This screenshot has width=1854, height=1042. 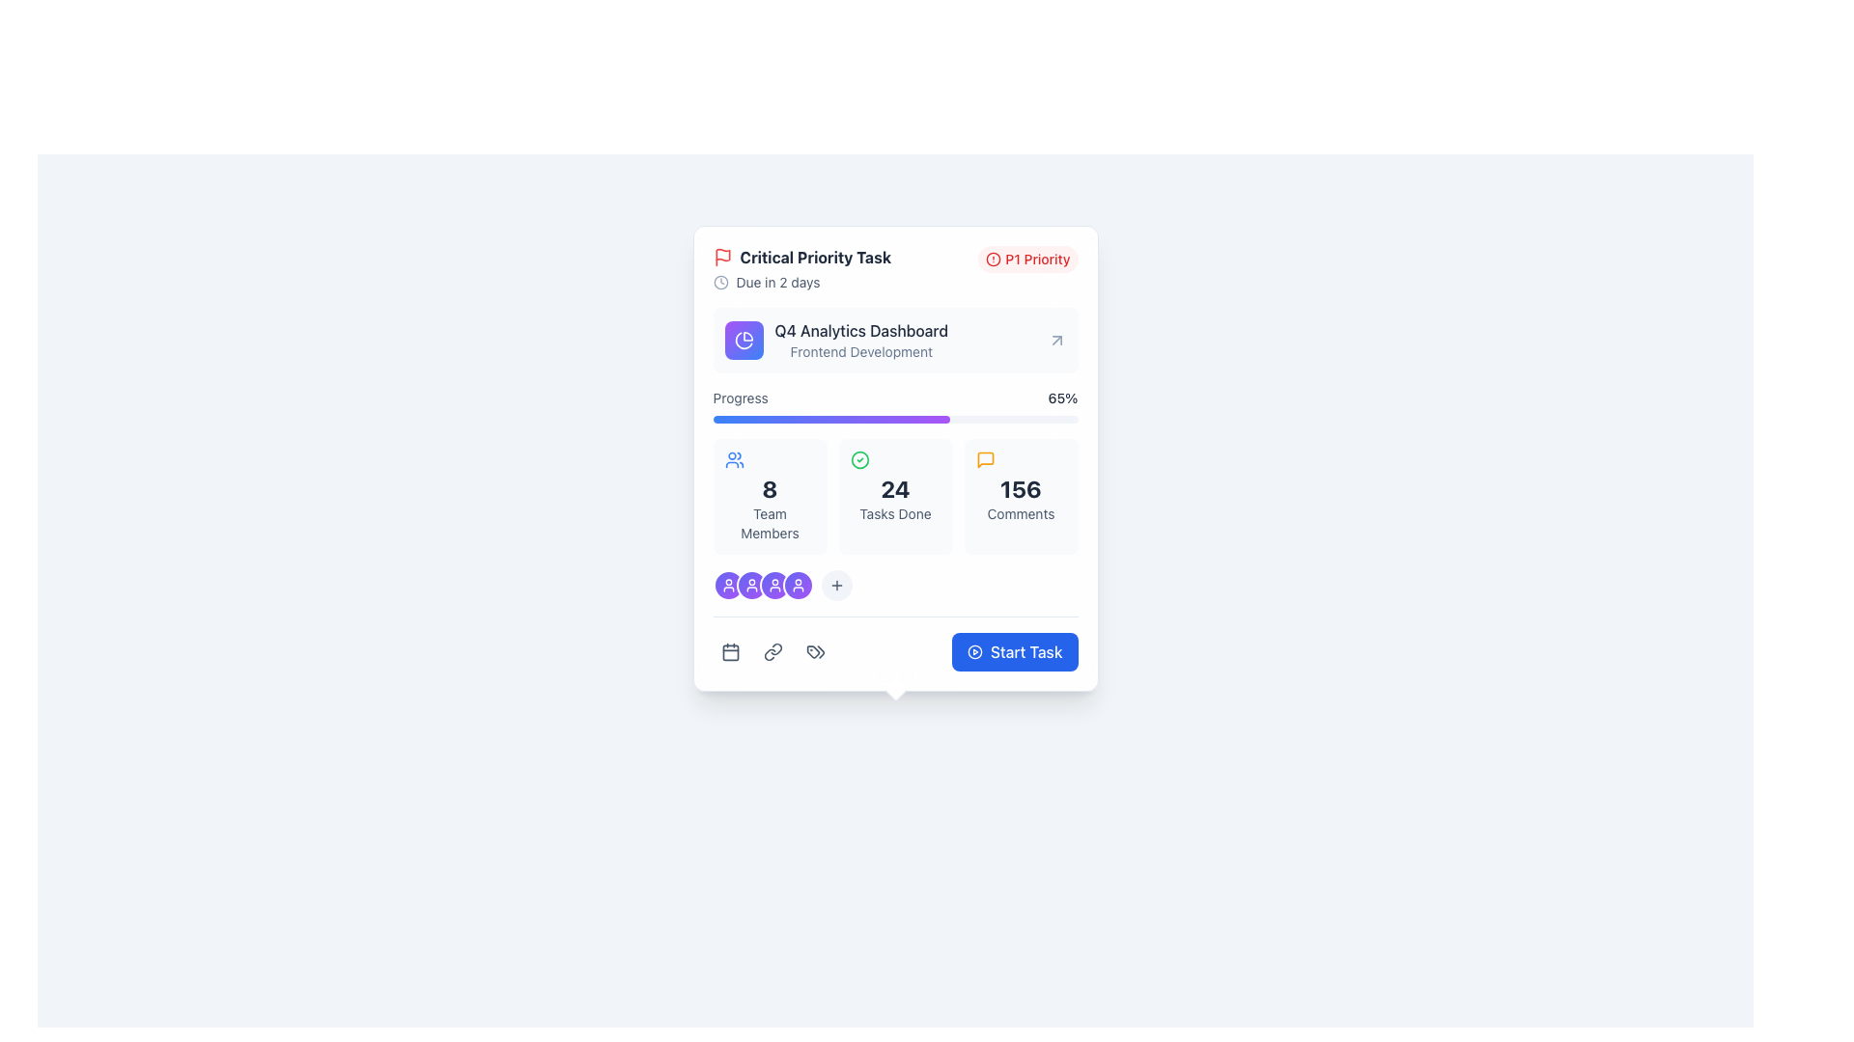 What do you see at coordinates (740, 397) in the screenshot?
I see `the 'Progress' text label, which is styled in gray, medium-weight, sans-serif font and positioned on the left side of a layout, next to the '65%' text` at bounding box center [740, 397].